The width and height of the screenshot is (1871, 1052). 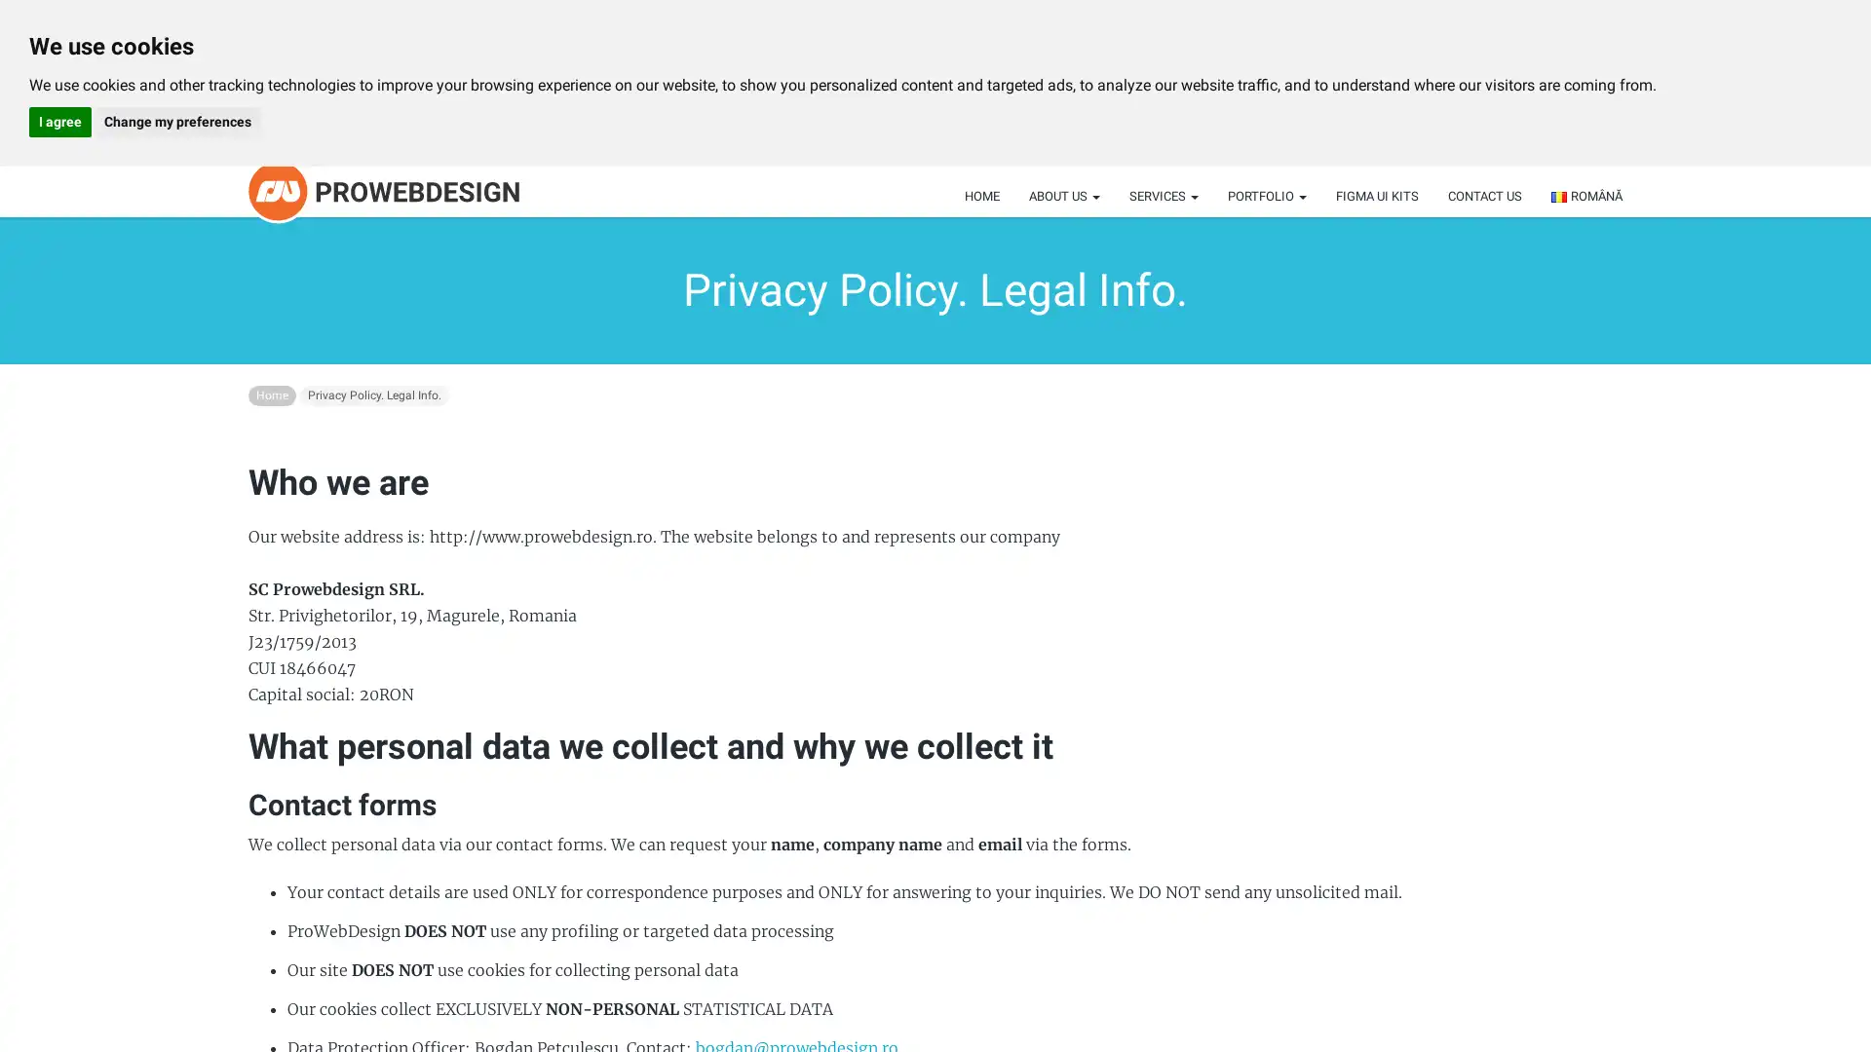 I want to click on Change my preferences, so click(x=176, y=122).